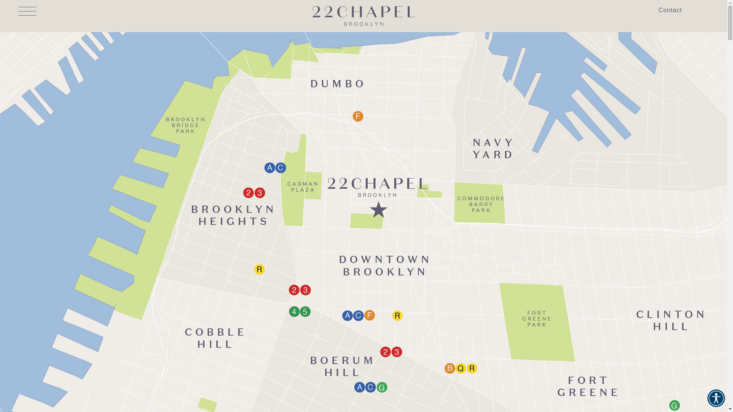 The image size is (733, 412). Describe the element at coordinates (670, 10) in the screenshot. I see `'Contact'` at that location.